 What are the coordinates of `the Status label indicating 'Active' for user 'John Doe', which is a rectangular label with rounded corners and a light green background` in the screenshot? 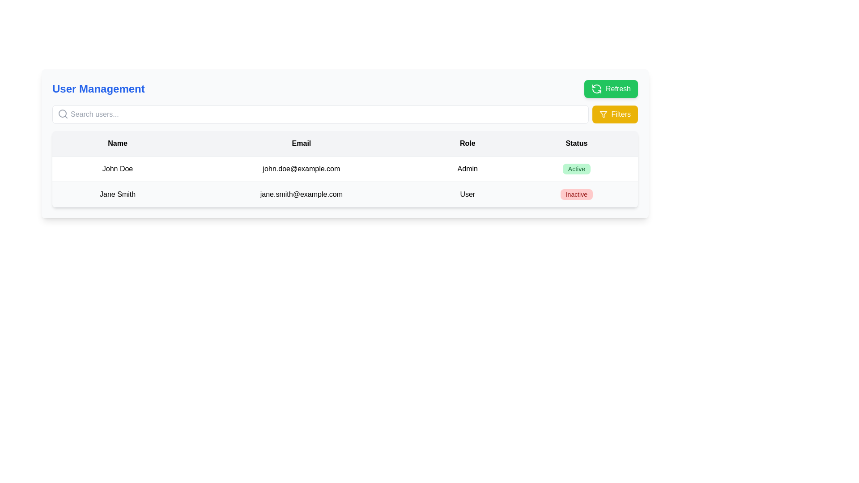 It's located at (576, 169).